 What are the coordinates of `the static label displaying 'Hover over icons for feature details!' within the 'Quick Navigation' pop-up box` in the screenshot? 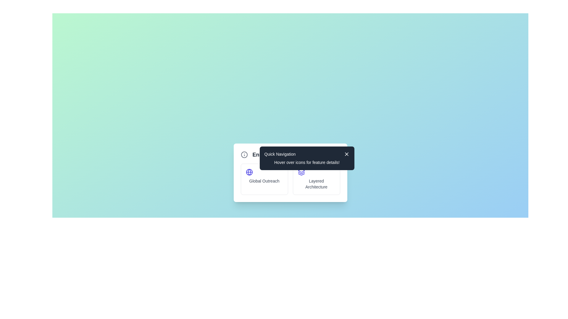 It's located at (307, 162).